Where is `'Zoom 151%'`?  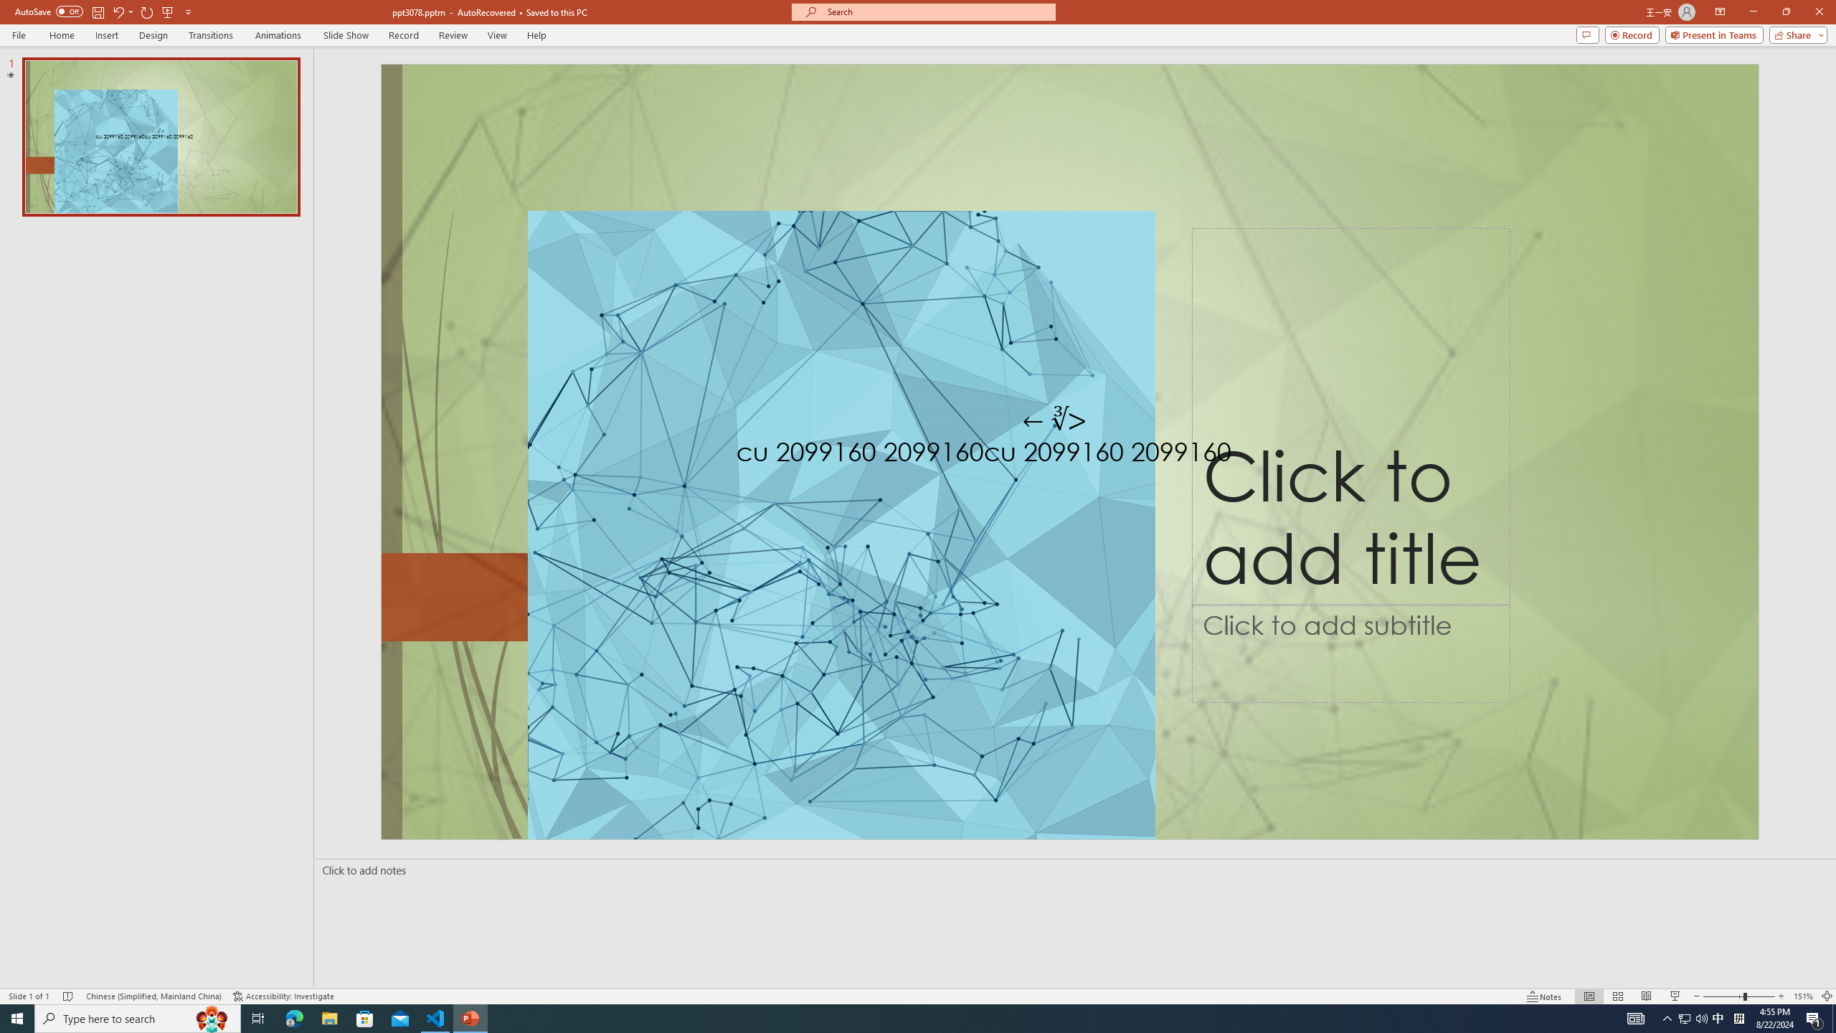 'Zoom 151%' is located at coordinates (1804, 996).